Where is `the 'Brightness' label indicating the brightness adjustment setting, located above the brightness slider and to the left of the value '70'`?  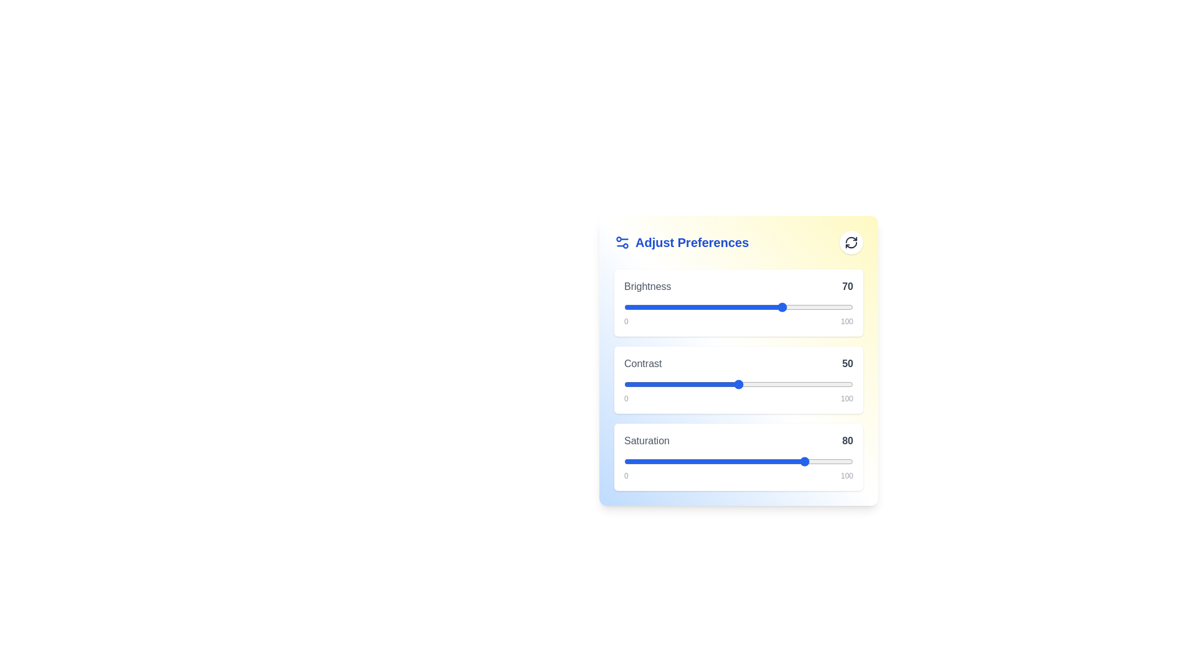 the 'Brightness' label indicating the brightness adjustment setting, located above the brightness slider and to the left of the value '70' is located at coordinates (647, 287).